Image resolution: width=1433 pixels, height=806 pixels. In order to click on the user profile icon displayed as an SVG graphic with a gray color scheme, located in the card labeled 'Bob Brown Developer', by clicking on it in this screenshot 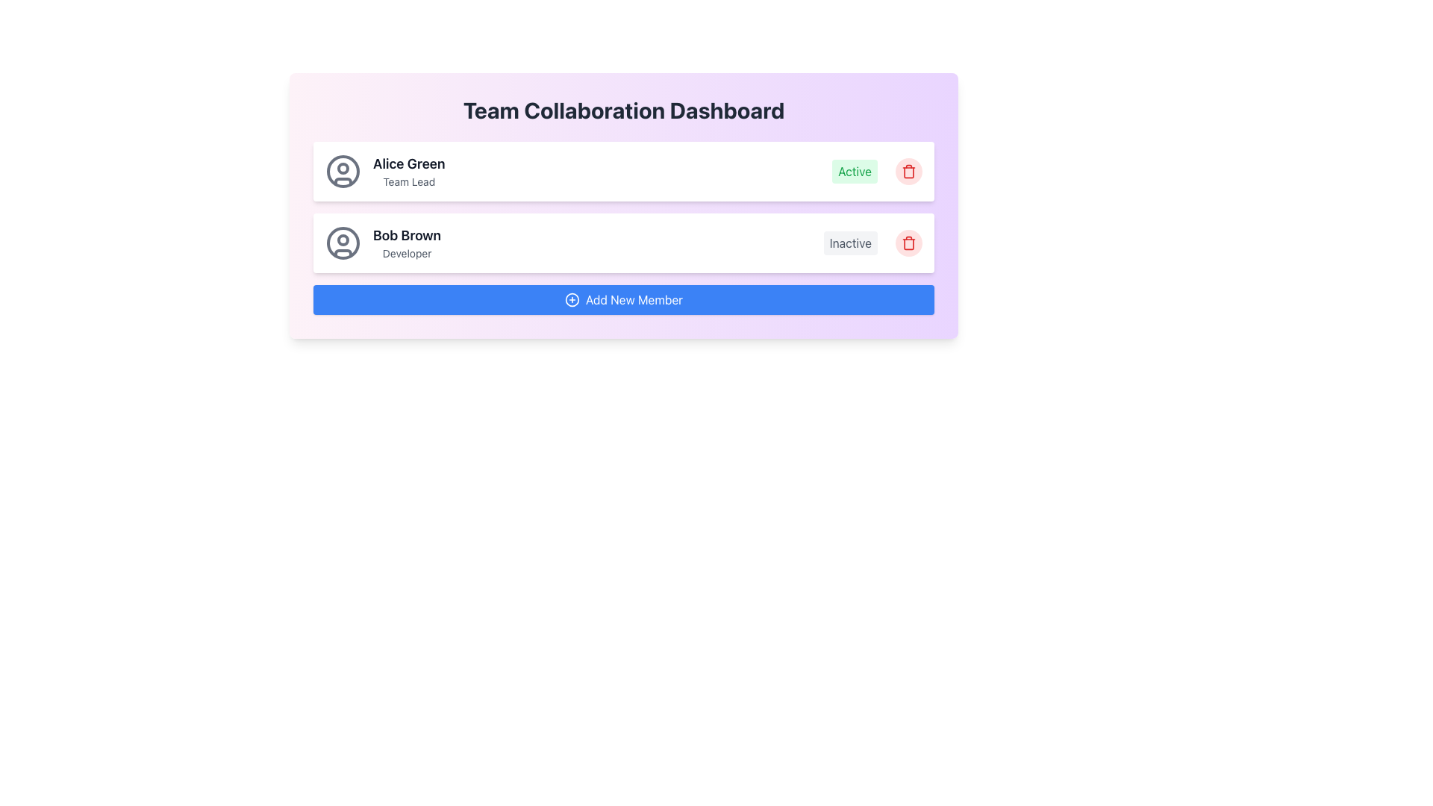, I will do `click(343, 243)`.